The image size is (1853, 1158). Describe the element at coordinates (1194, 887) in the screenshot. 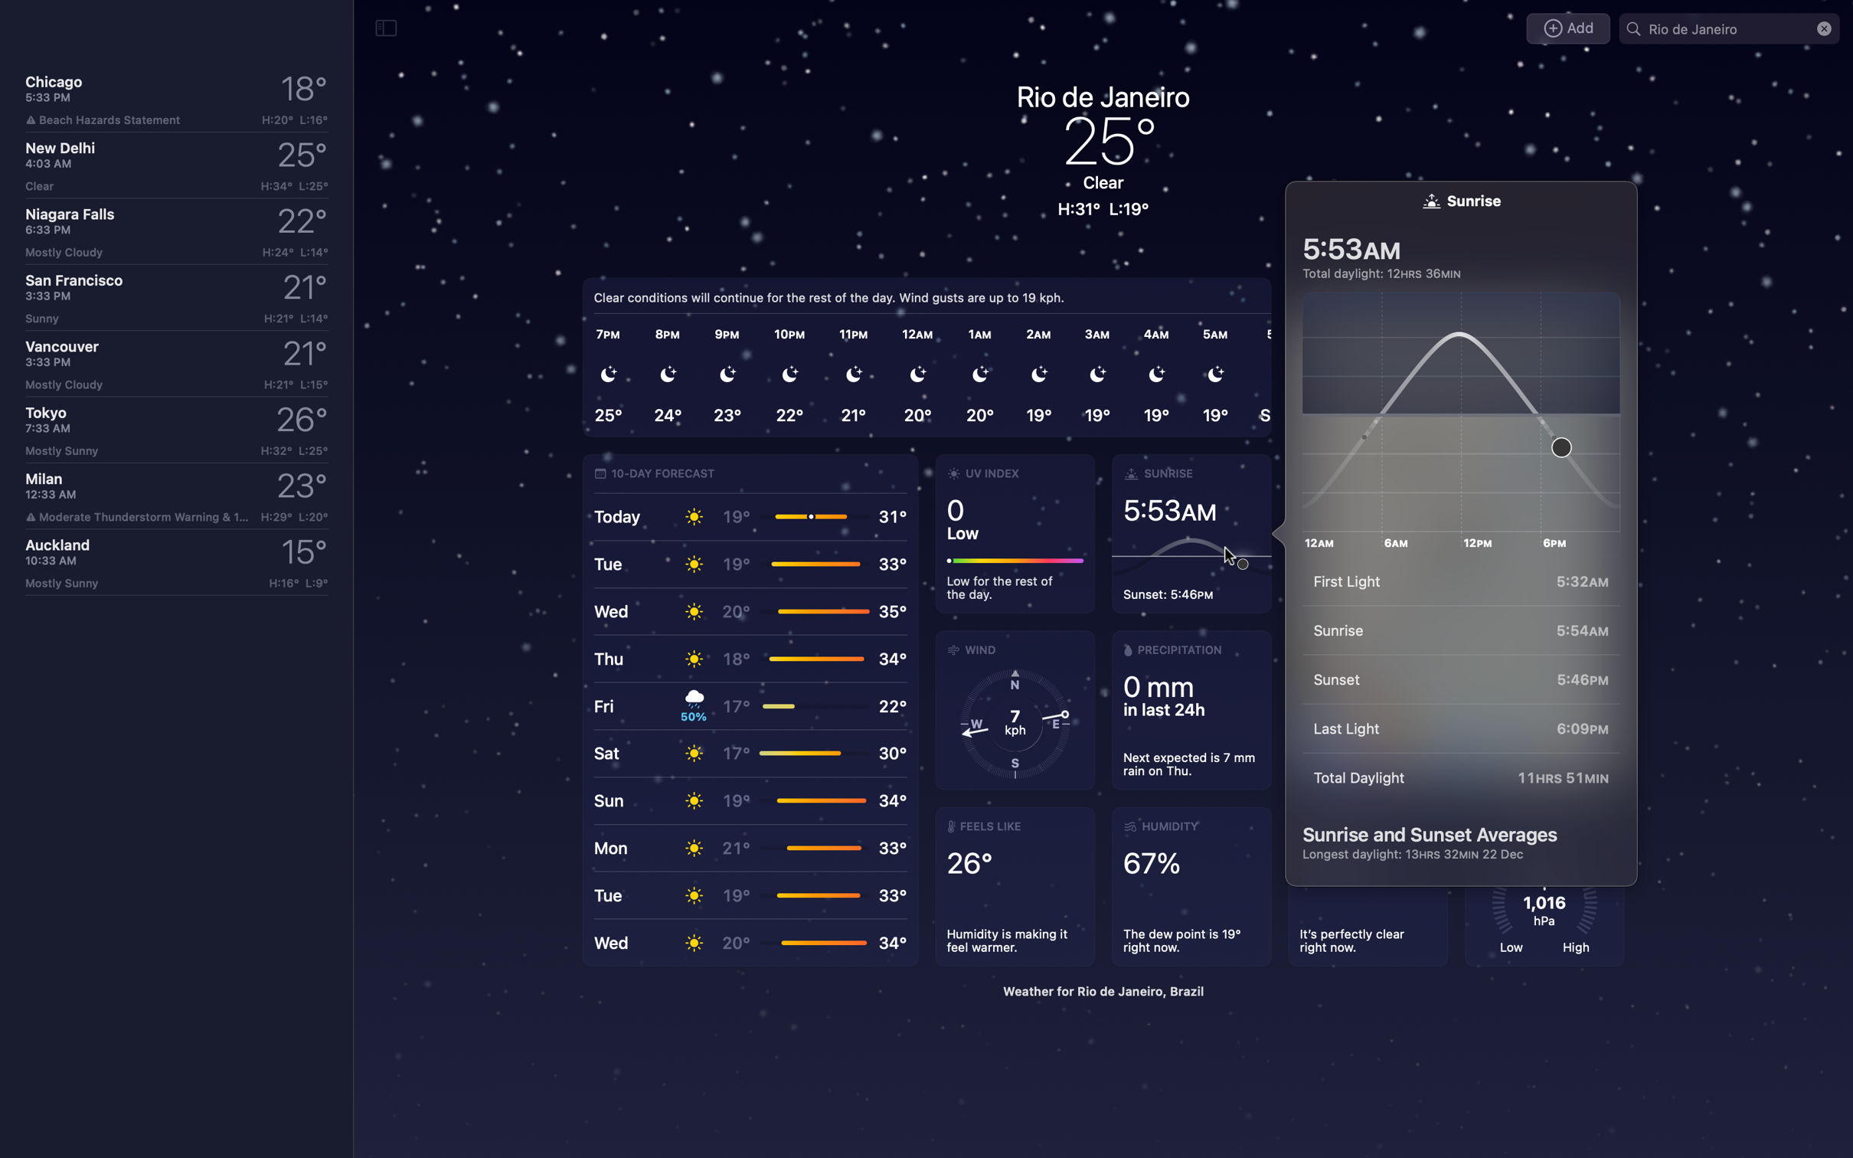

I see `Investigate further data on humidity` at that location.